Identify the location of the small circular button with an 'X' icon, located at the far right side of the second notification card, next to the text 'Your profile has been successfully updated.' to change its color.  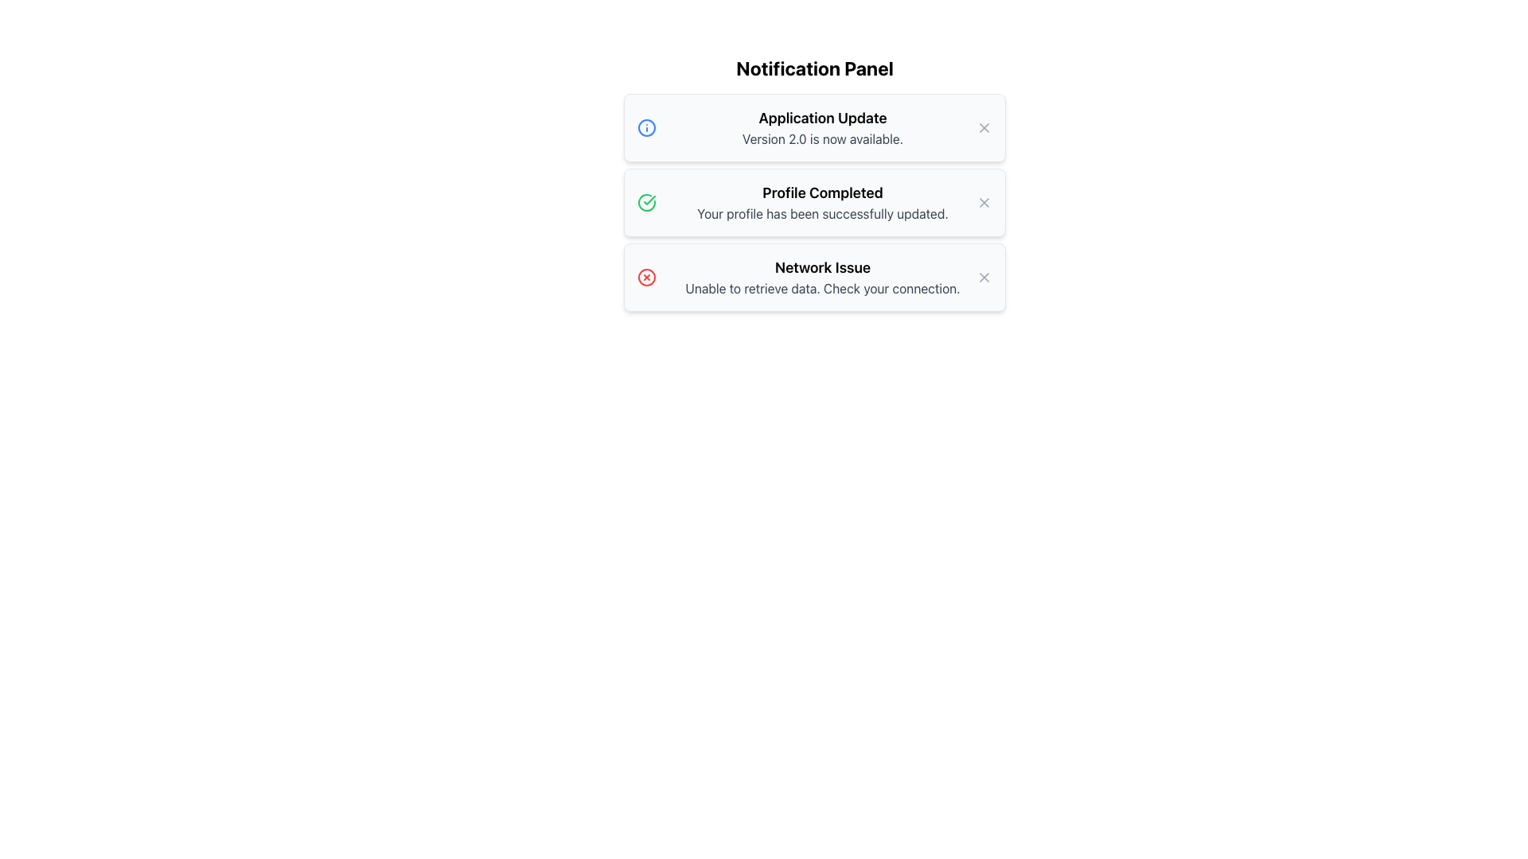
(984, 201).